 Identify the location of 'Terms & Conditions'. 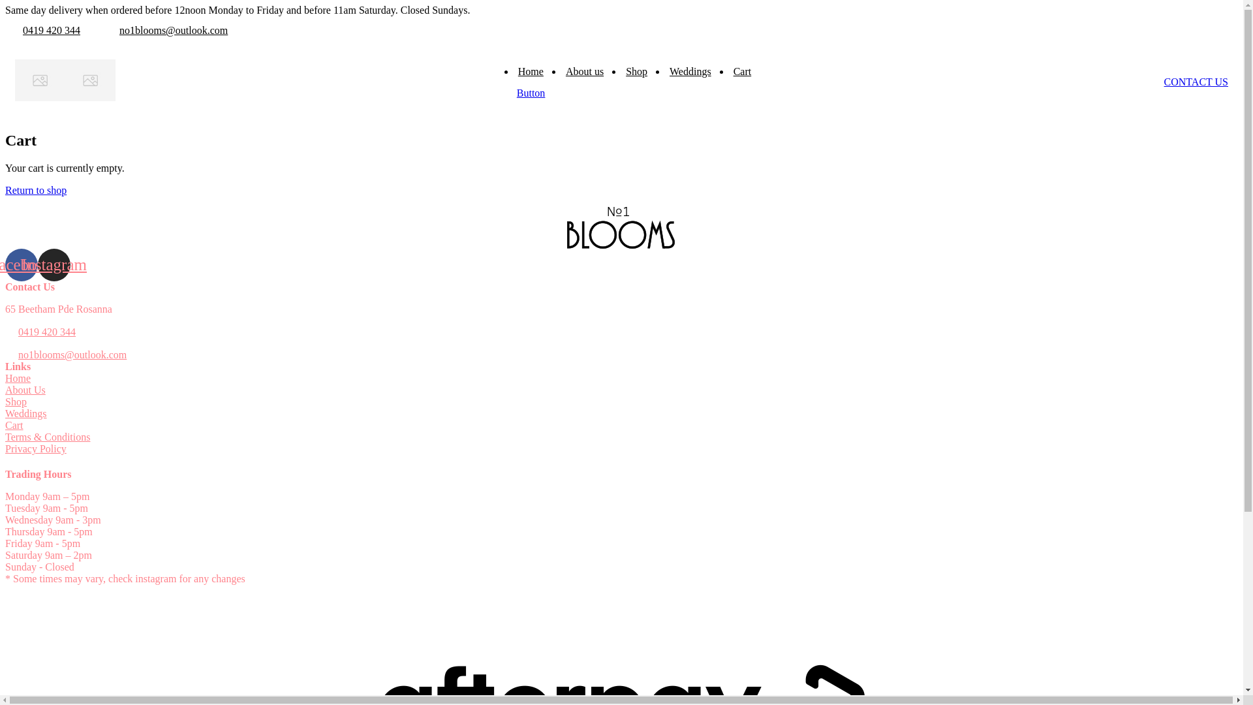
(47, 437).